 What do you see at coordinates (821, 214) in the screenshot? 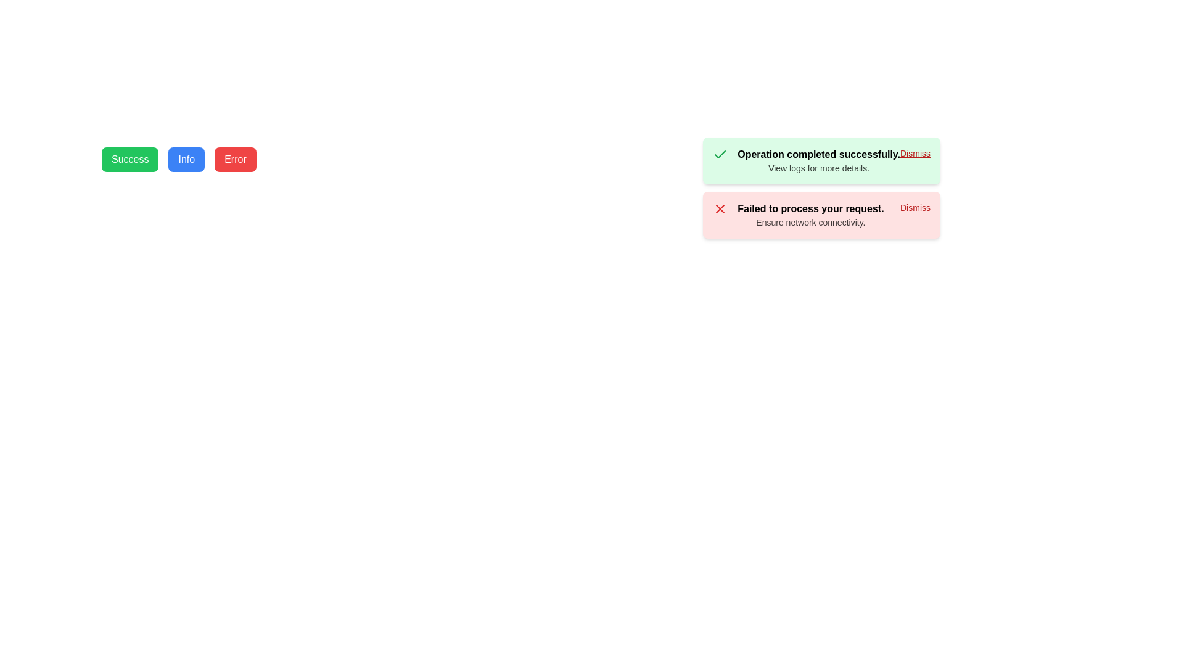
I see `the 'Dismiss' button on the red notification box that contains the error message 'Failed to process your request.'` at bounding box center [821, 214].